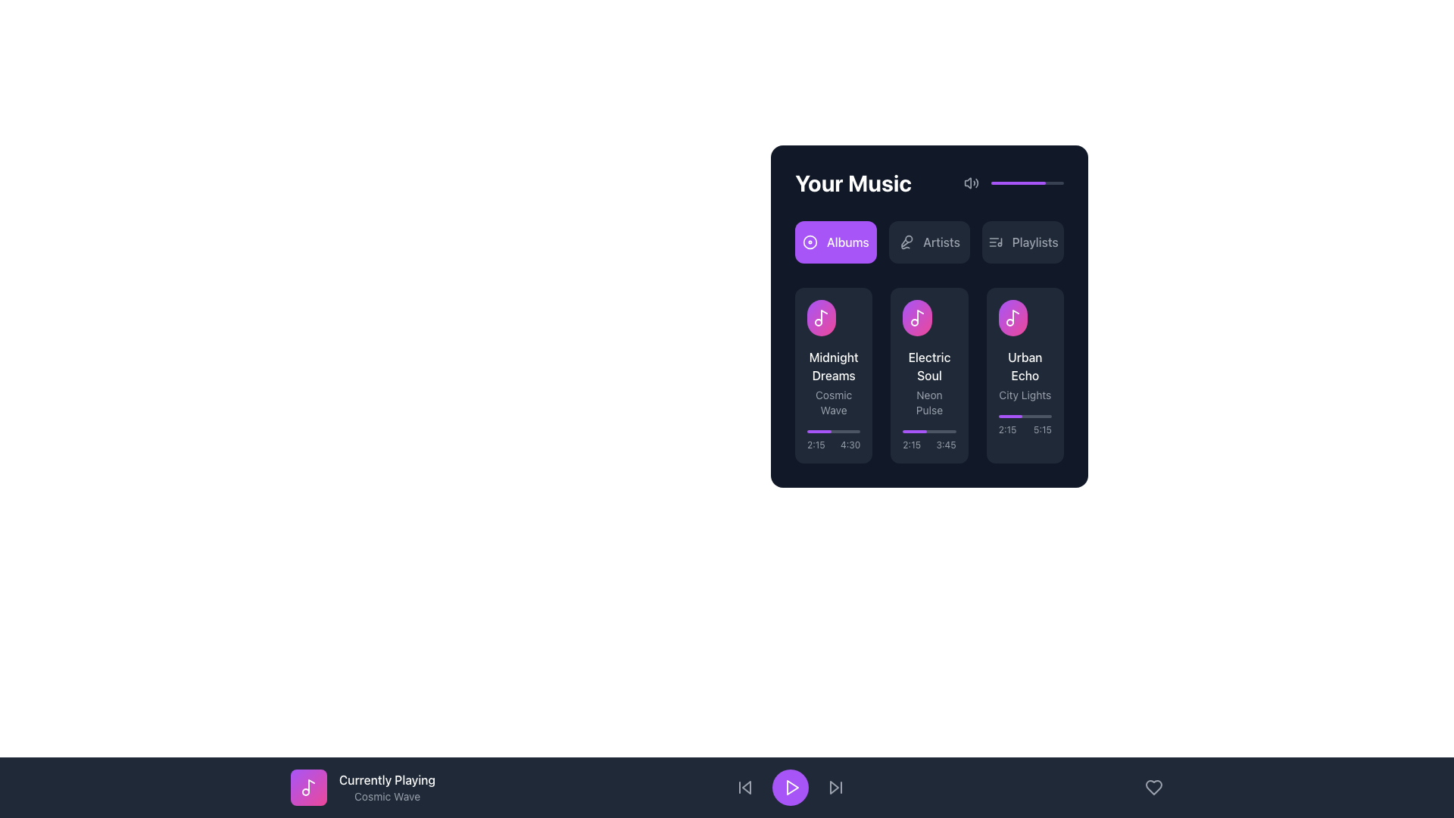  Describe the element at coordinates (833, 444) in the screenshot. I see `the text label displaying playback time indicators '2:15' and '4:30', which is styled in a small gray font and located below the progress bar in the 'Midnight Dreams' card` at that location.